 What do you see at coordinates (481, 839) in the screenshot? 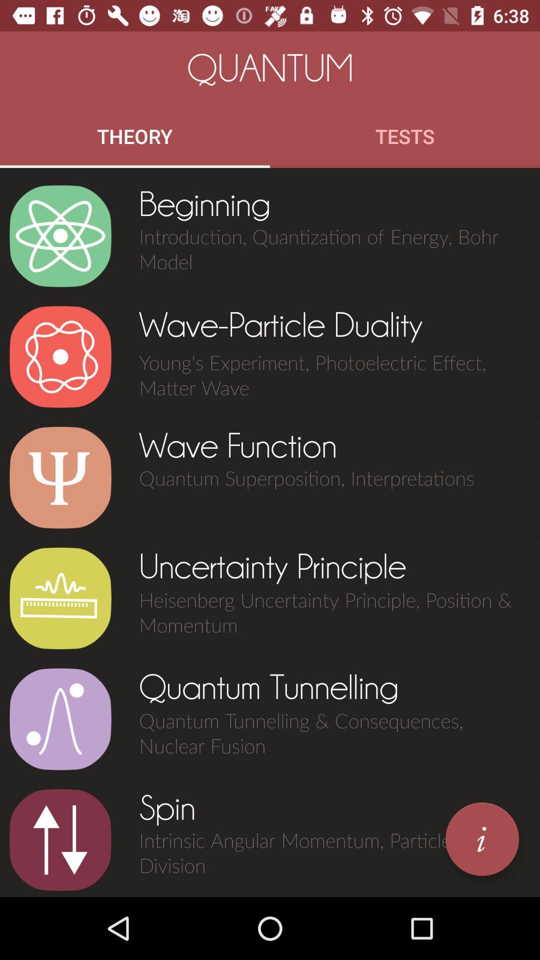
I see `the info icon` at bounding box center [481, 839].